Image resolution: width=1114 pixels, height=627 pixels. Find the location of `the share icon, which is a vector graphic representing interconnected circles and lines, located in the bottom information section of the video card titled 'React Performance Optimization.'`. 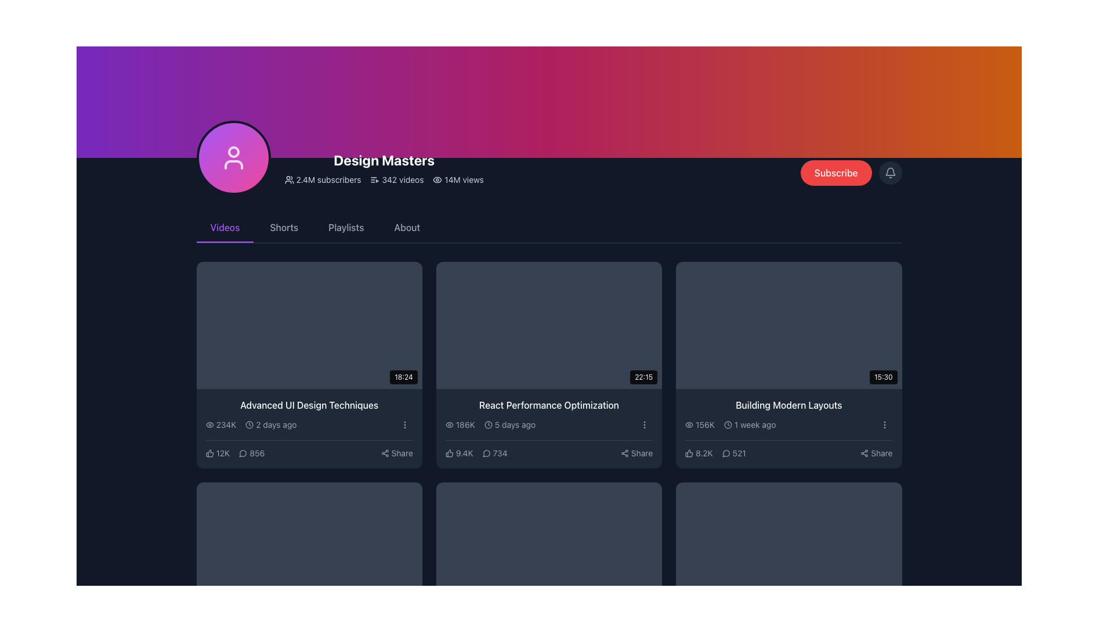

the share icon, which is a vector graphic representing interconnected circles and lines, located in the bottom information section of the video card titled 'React Performance Optimization.' is located at coordinates (624, 452).